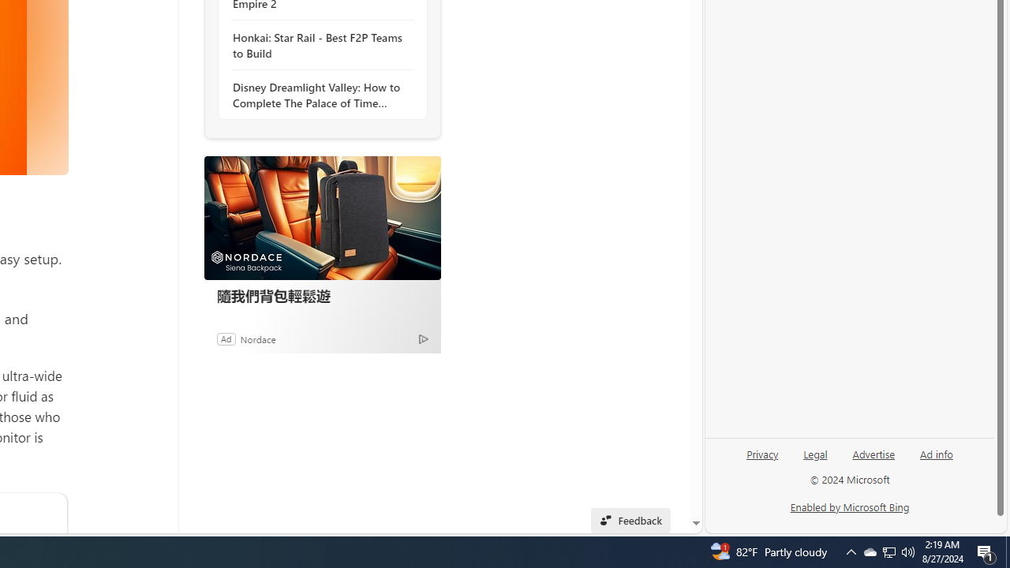 The width and height of the screenshot is (1010, 568). I want to click on 'Advertise', so click(873, 460).